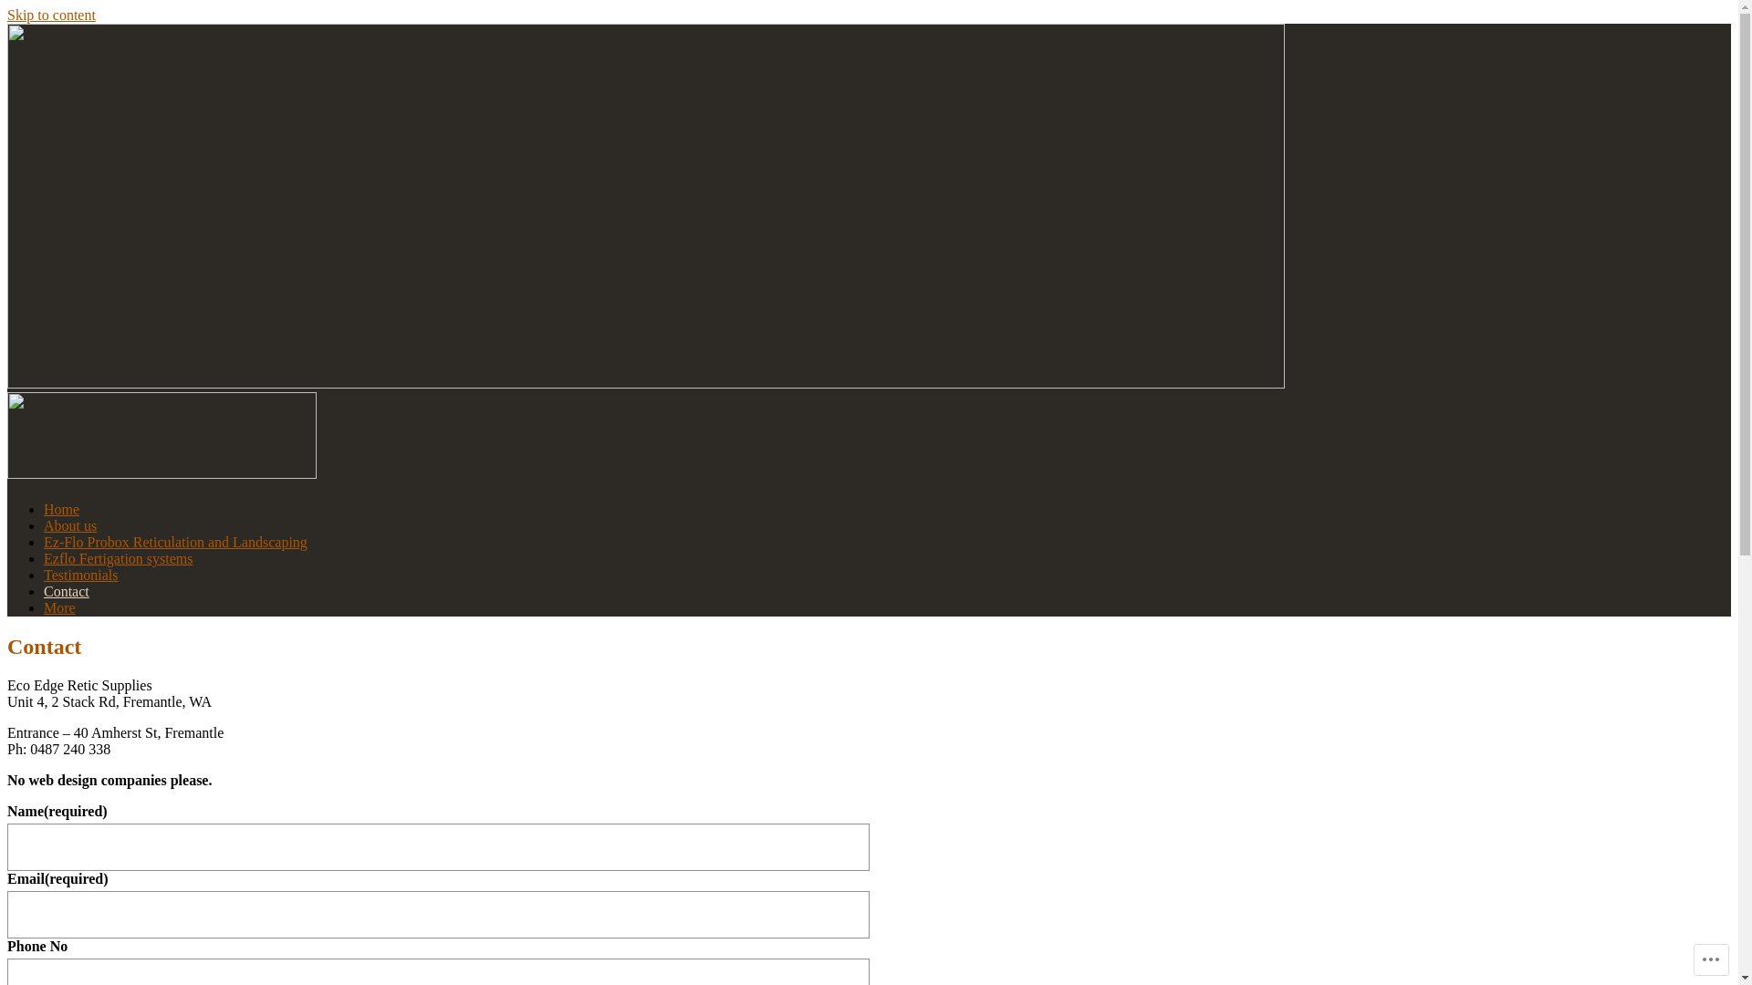 Image resolution: width=1752 pixels, height=985 pixels. I want to click on 'Ezflo Fertigation systems', so click(117, 557).